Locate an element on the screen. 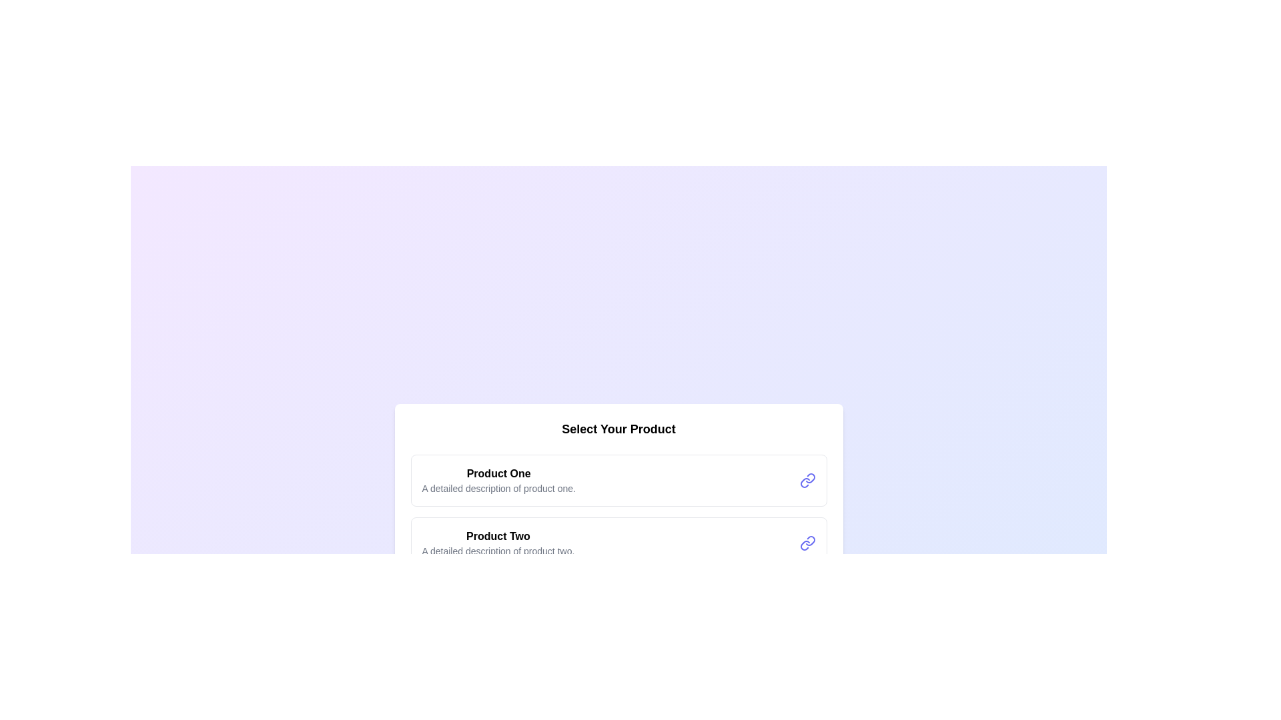  the text display component titled 'Product One', which includes a bold title and a smaller description above the 'Product Two' listing is located at coordinates (498, 481).